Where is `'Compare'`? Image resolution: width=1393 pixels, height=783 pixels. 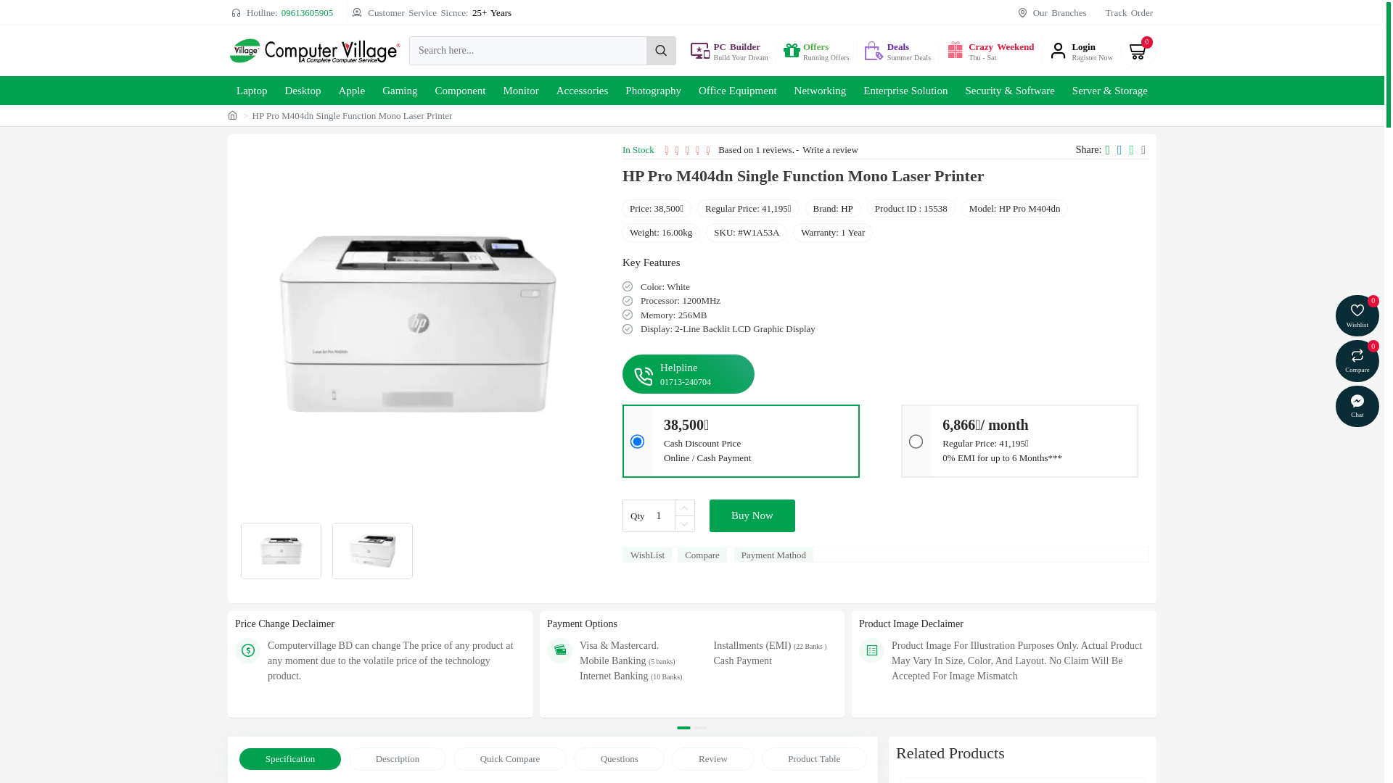
'Compare' is located at coordinates (702, 554).